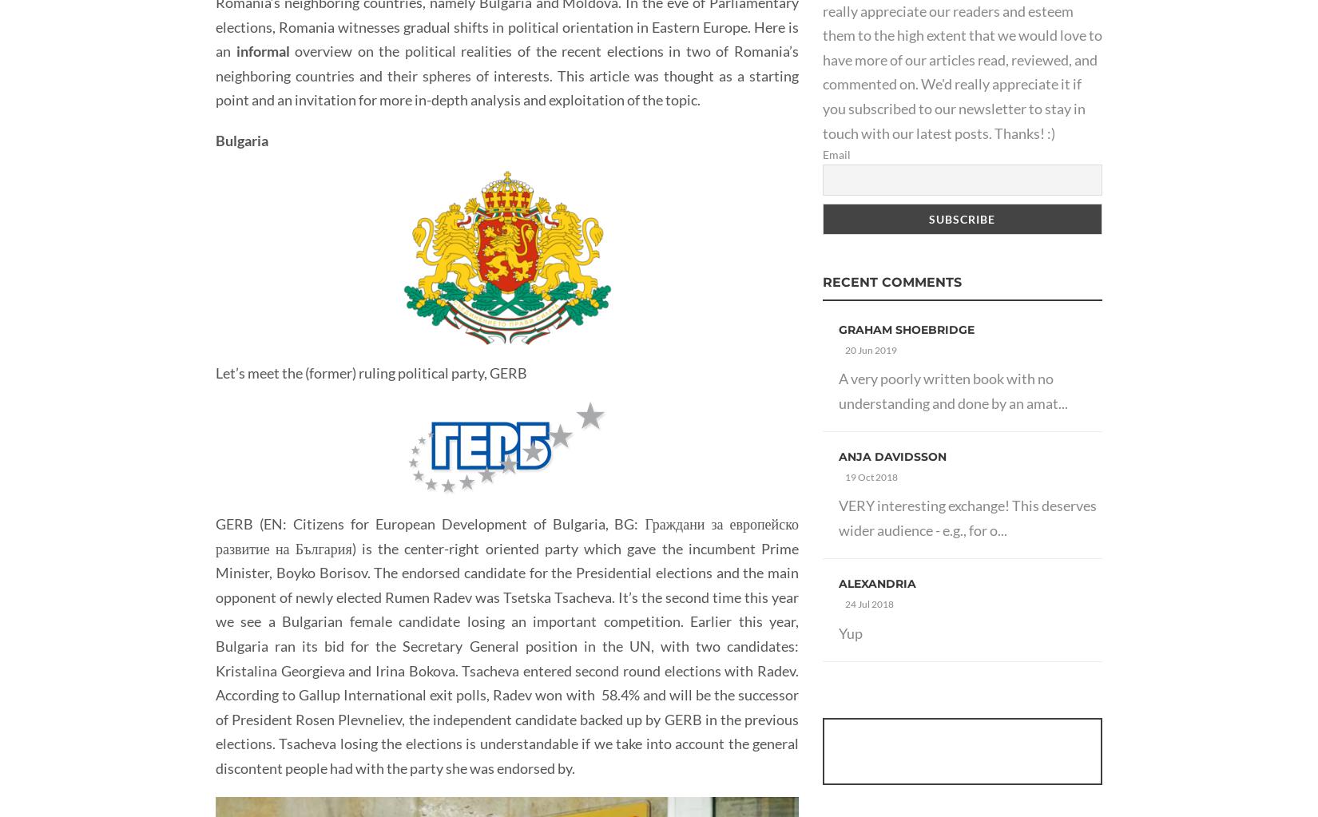  Describe the element at coordinates (953, 390) in the screenshot. I see `'A very poorly written book with no  understanding  and done by an amat...'` at that location.